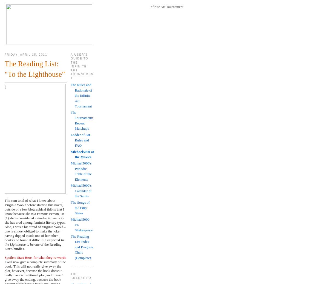 This screenshot has width=322, height=284. What do you see at coordinates (81, 224) in the screenshot?
I see `'Michael5000 vs. Shakespeare'` at bounding box center [81, 224].